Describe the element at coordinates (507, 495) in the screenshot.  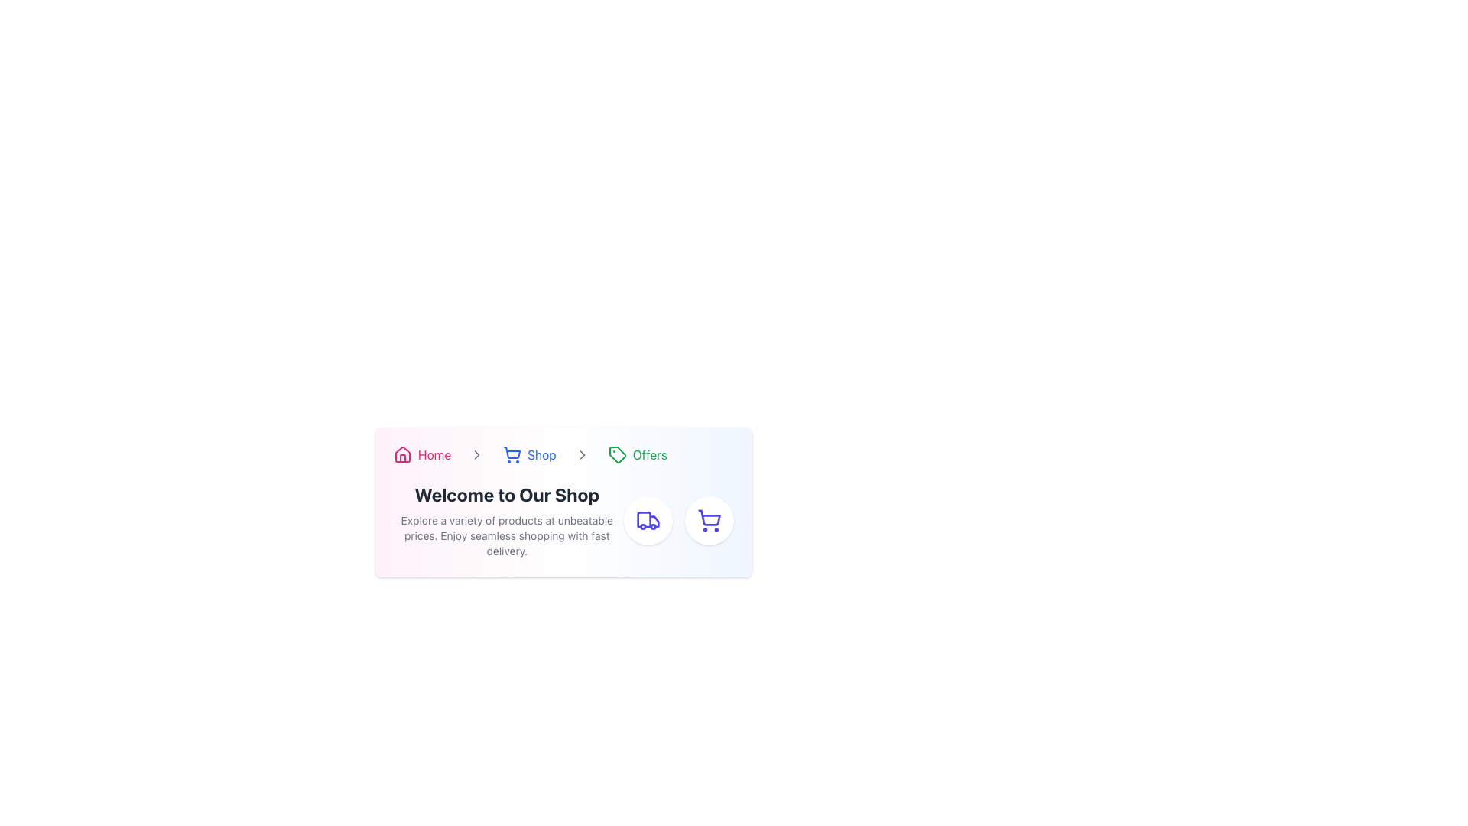
I see `text content of the Text Label (Heading) that serves as a greeting and provides context for the page` at that location.